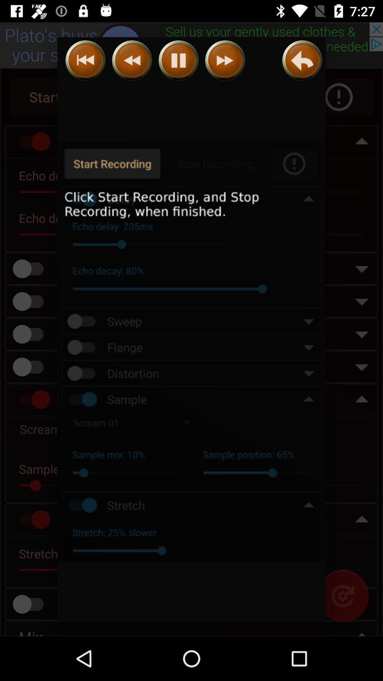 This screenshot has width=383, height=681. What do you see at coordinates (302, 60) in the screenshot?
I see `back` at bounding box center [302, 60].